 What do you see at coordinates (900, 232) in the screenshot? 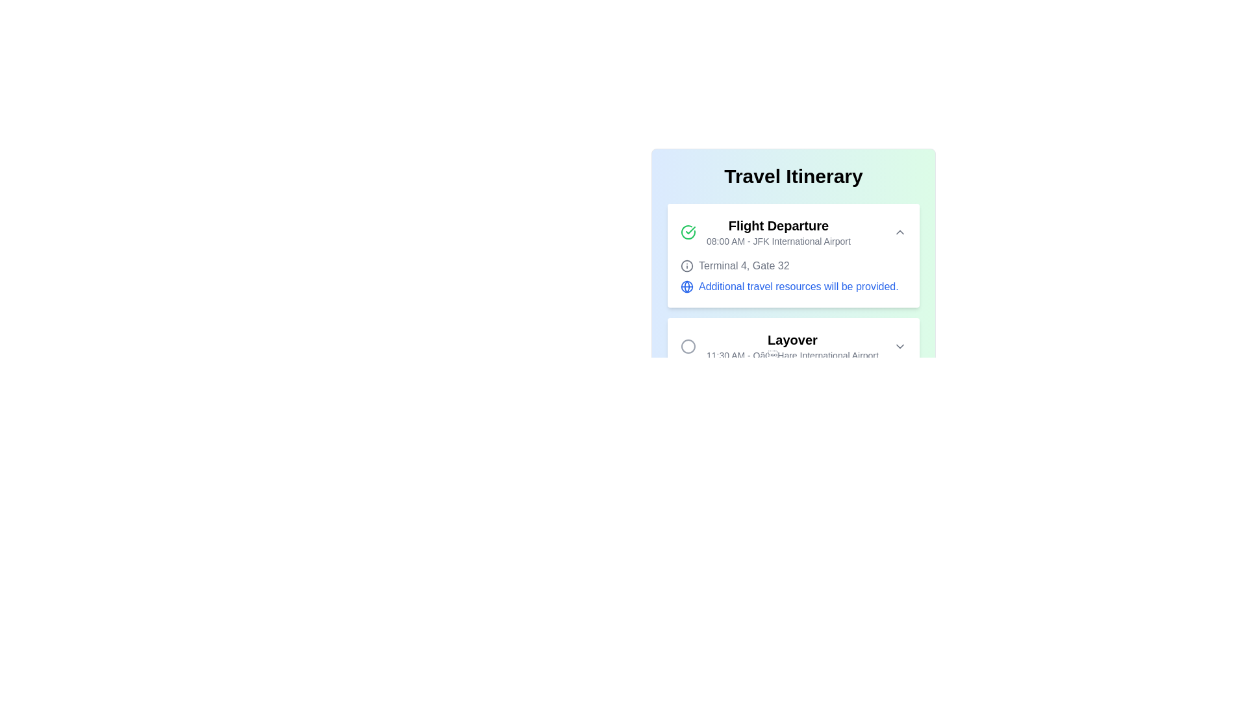
I see `the small upward-pointing chevron icon button next to the 'Flight Departure' text, which indicates expandable functionality` at bounding box center [900, 232].